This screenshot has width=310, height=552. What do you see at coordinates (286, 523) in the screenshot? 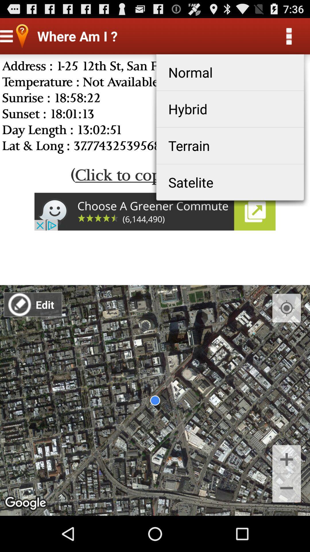
I see `the minus icon` at bounding box center [286, 523].